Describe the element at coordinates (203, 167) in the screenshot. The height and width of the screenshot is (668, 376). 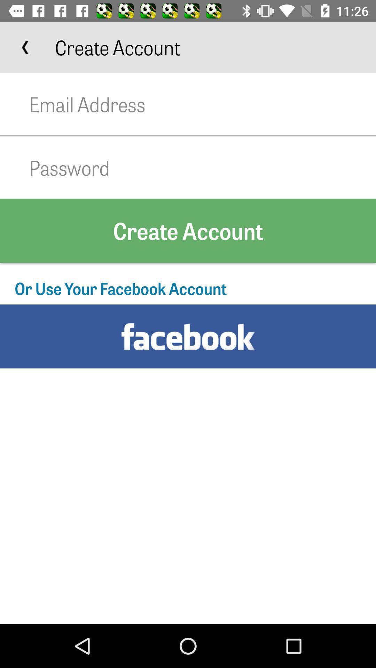
I see `password textbox` at that location.